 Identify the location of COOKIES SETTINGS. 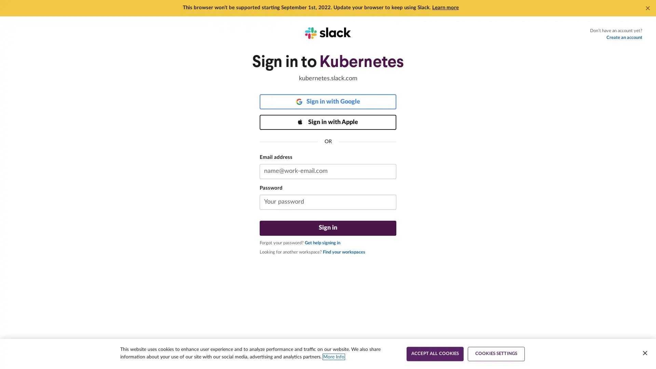
(496, 354).